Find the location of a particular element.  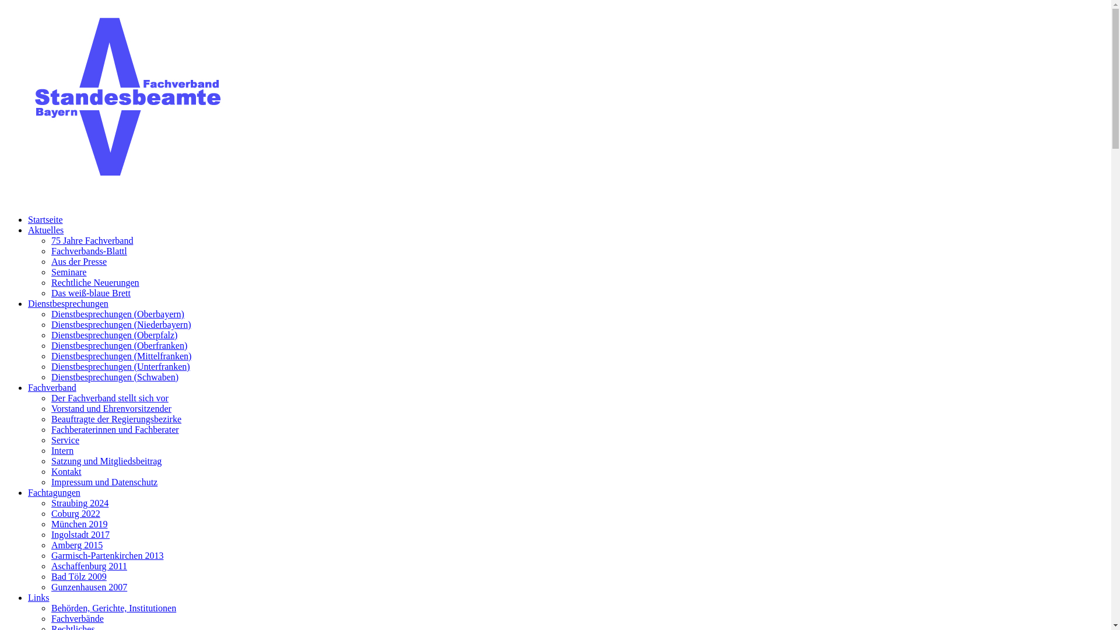

'Aktuelles' is located at coordinates (28, 230).